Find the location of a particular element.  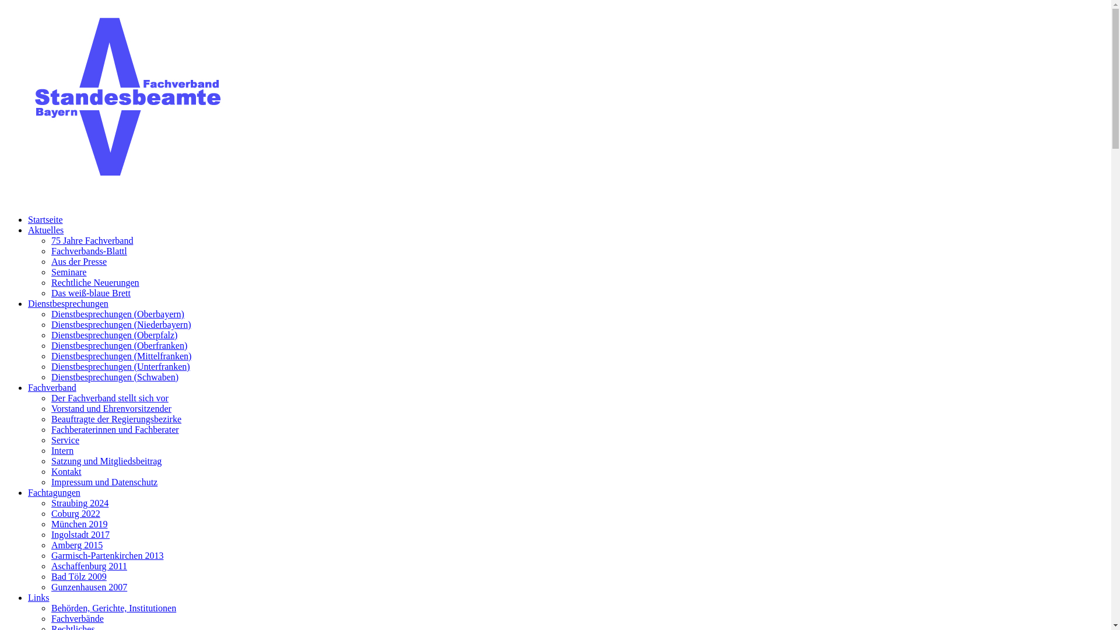

'Aktuelles' is located at coordinates (28, 230).